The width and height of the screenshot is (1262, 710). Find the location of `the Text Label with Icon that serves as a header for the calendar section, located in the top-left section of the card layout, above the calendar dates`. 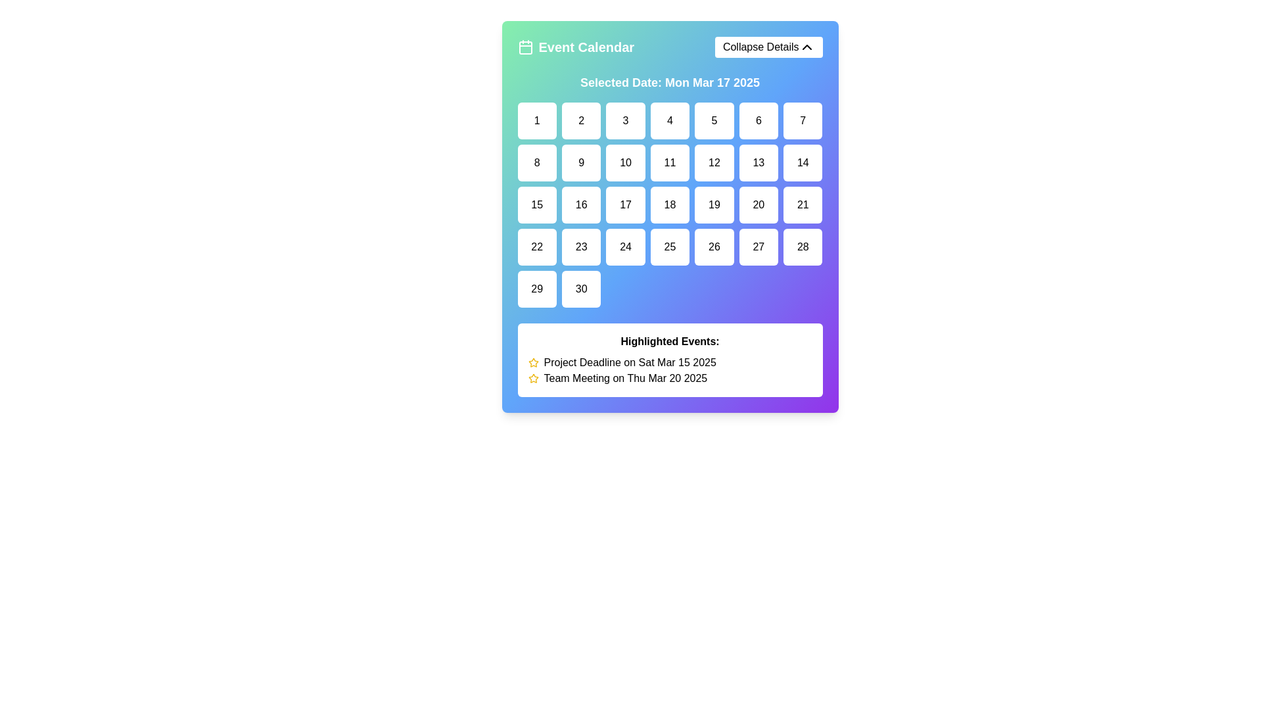

the Text Label with Icon that serves as a header for the calendar section, located in the top-left section of the card layout, above the calendar dates is located at coordinates (576, 47).